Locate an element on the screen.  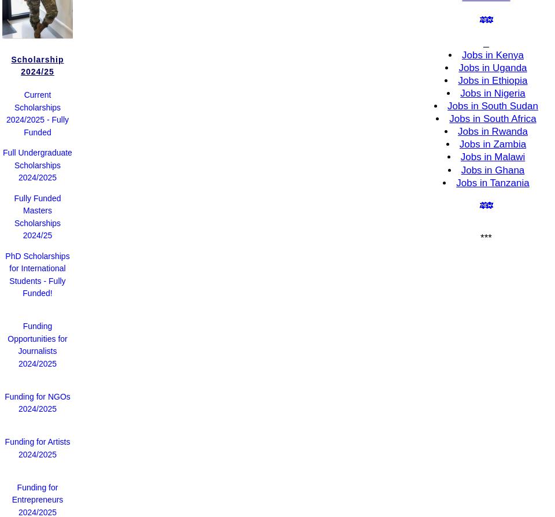
'Jobs in Zambia' is located at coordinates (459, 143).